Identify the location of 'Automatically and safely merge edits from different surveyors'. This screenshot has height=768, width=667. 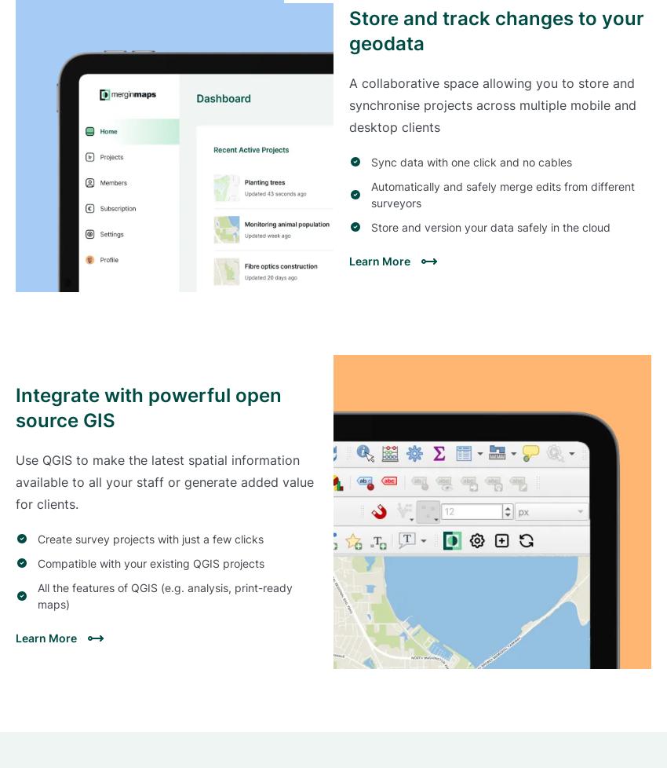
(502, 193).